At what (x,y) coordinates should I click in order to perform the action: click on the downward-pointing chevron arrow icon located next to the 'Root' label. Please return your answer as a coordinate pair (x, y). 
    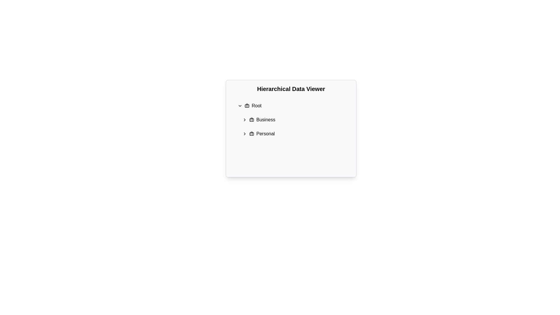
    Looking at the image, I should click on (240, 106).